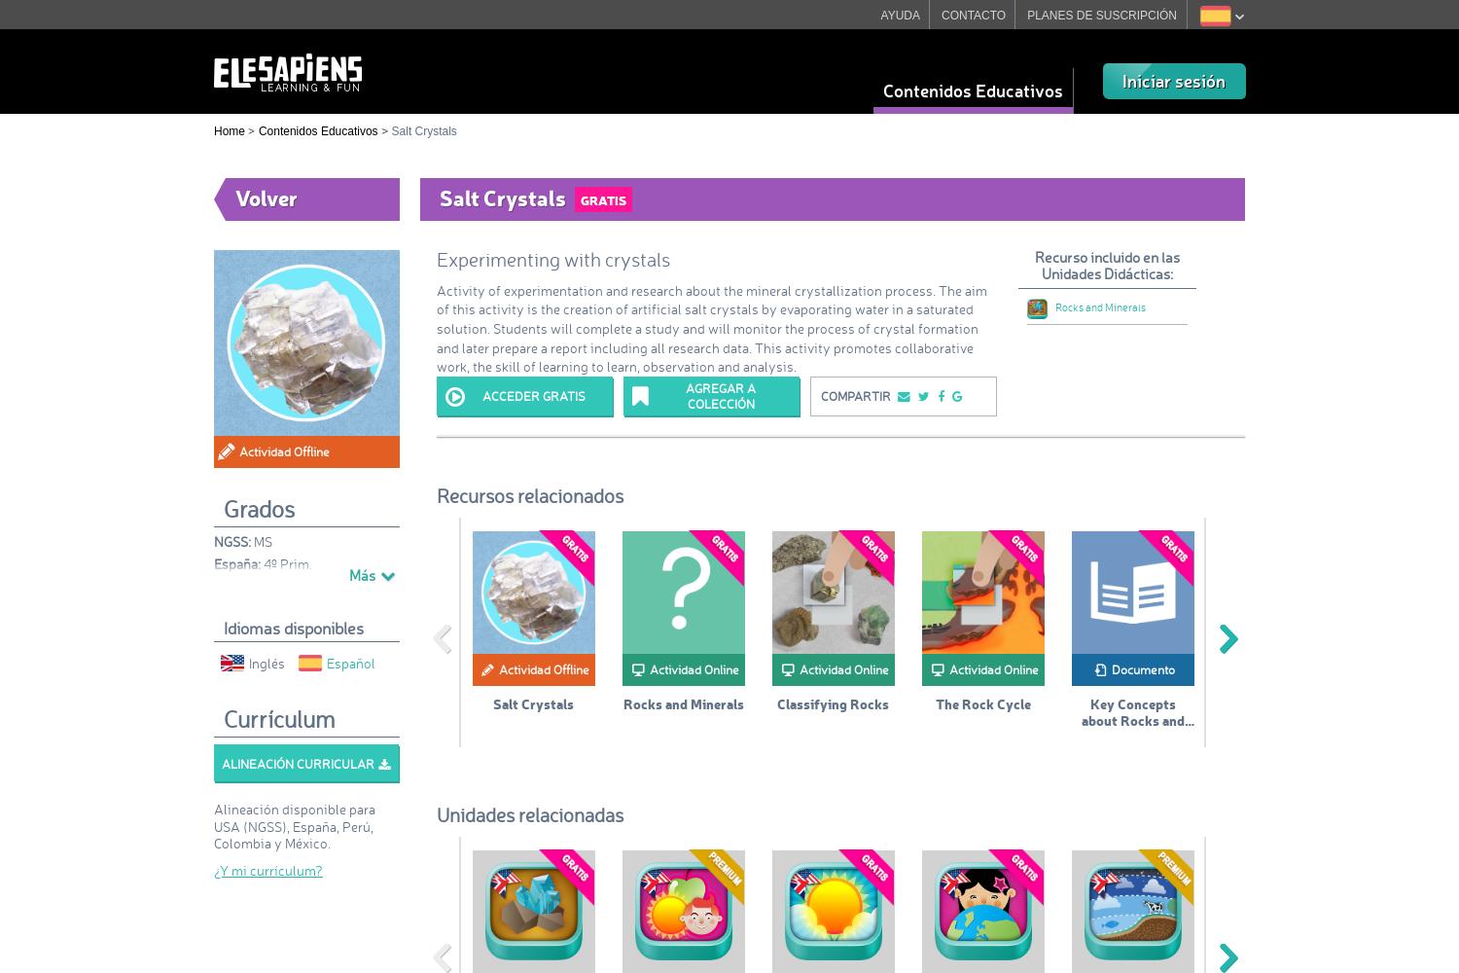  What do you see at coordinates (552, 260) in the screenshot?
I see `'Experimenting with crystals'` at bounding box center [552, 260].